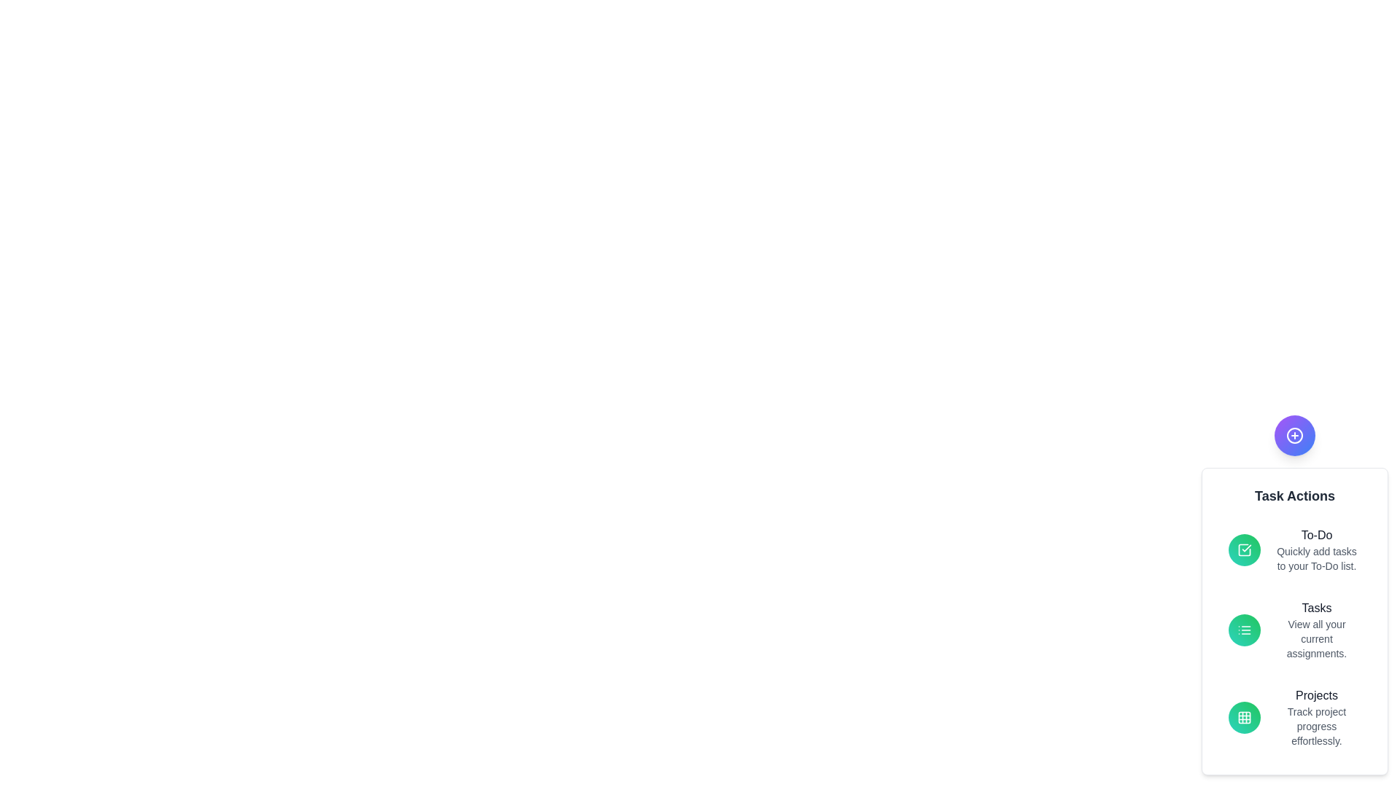  Describe the element at coordinates (1244, 716) in the screenshot. I see `the icon for Projects in the Task Actions menu` at that location.